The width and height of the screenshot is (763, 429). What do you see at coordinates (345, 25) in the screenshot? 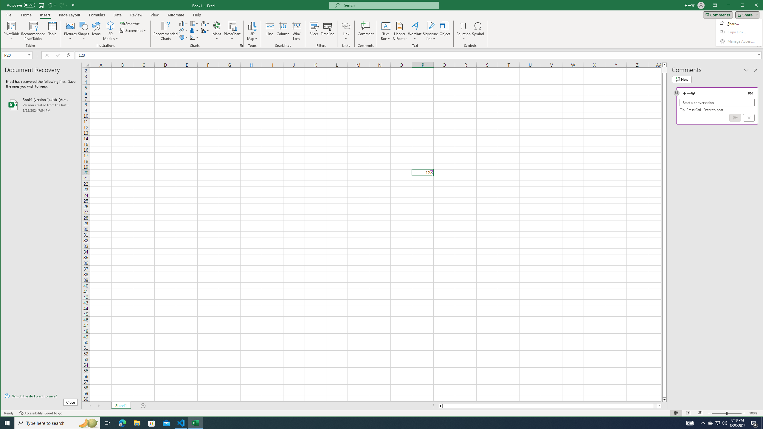
I see `'Link'` at bounding box center [345, 25].